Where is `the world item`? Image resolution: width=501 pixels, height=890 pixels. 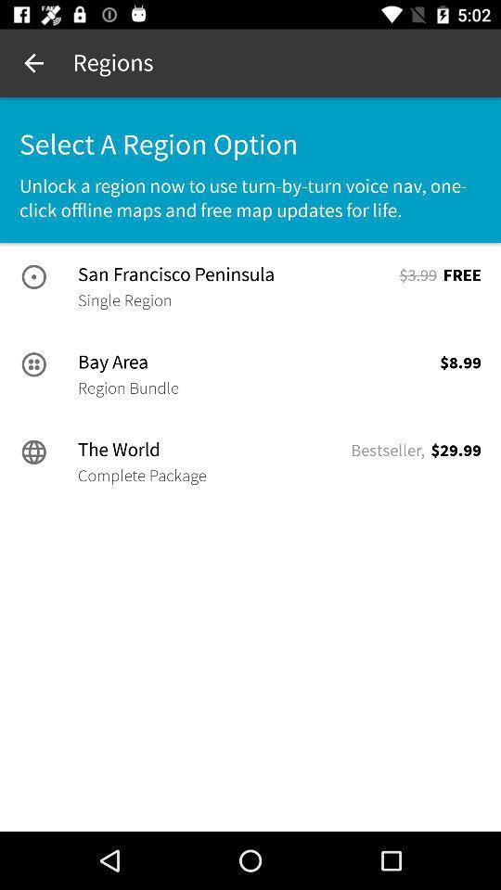
the world item is located at coordinates (212, 449).